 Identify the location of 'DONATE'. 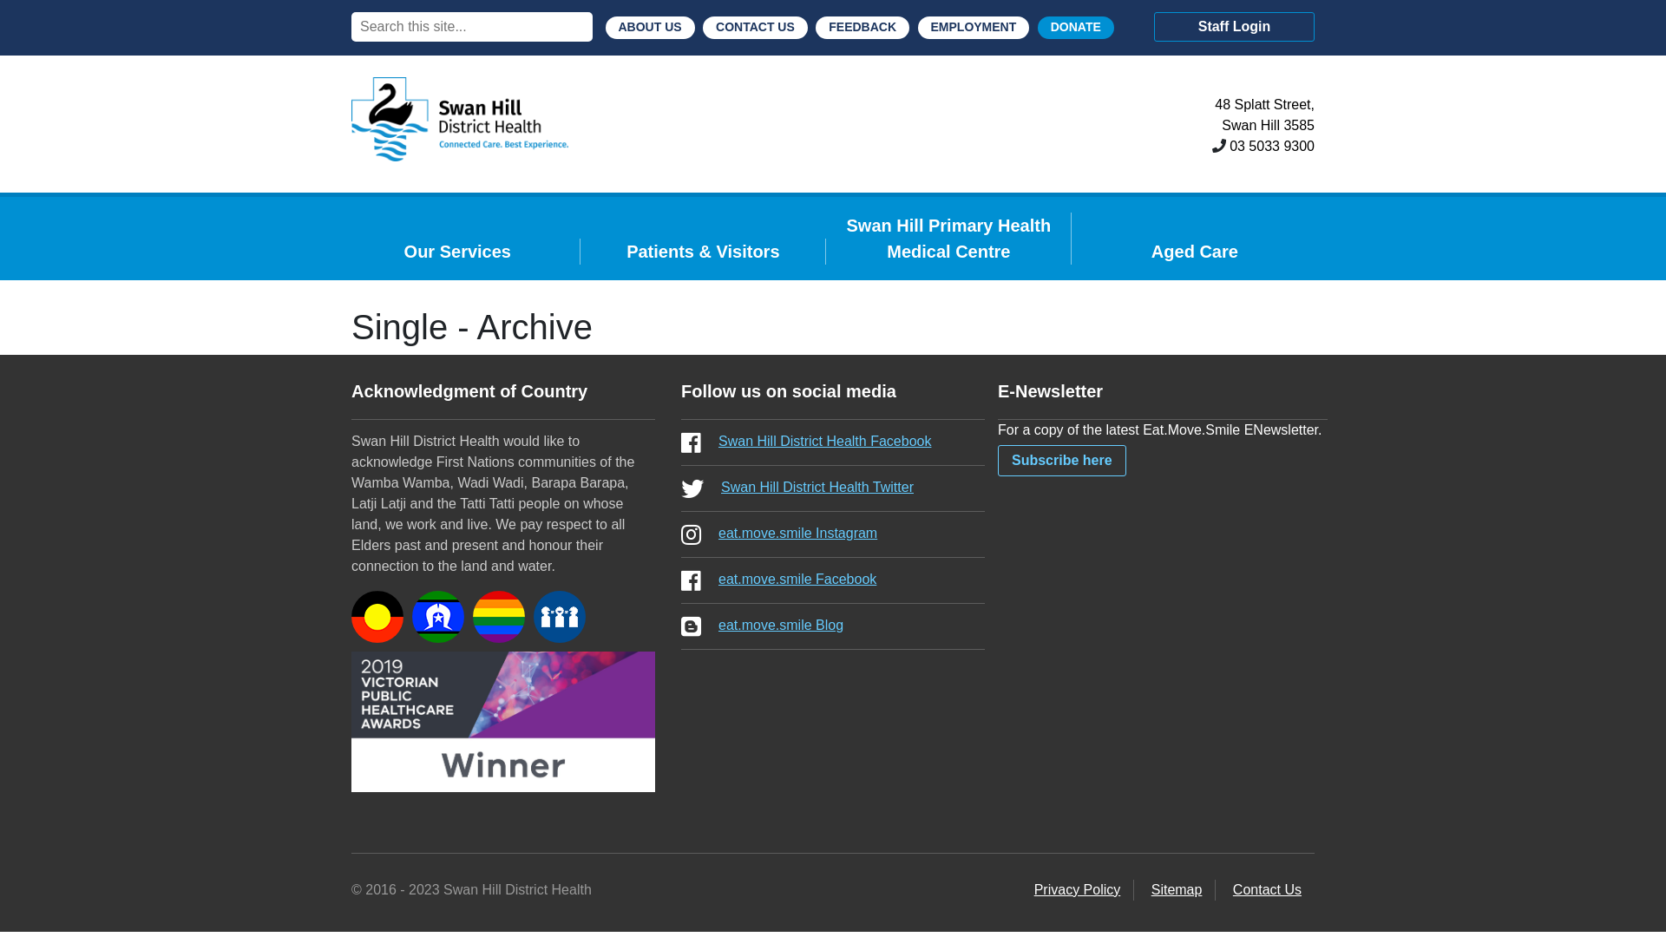
(1074, 27).